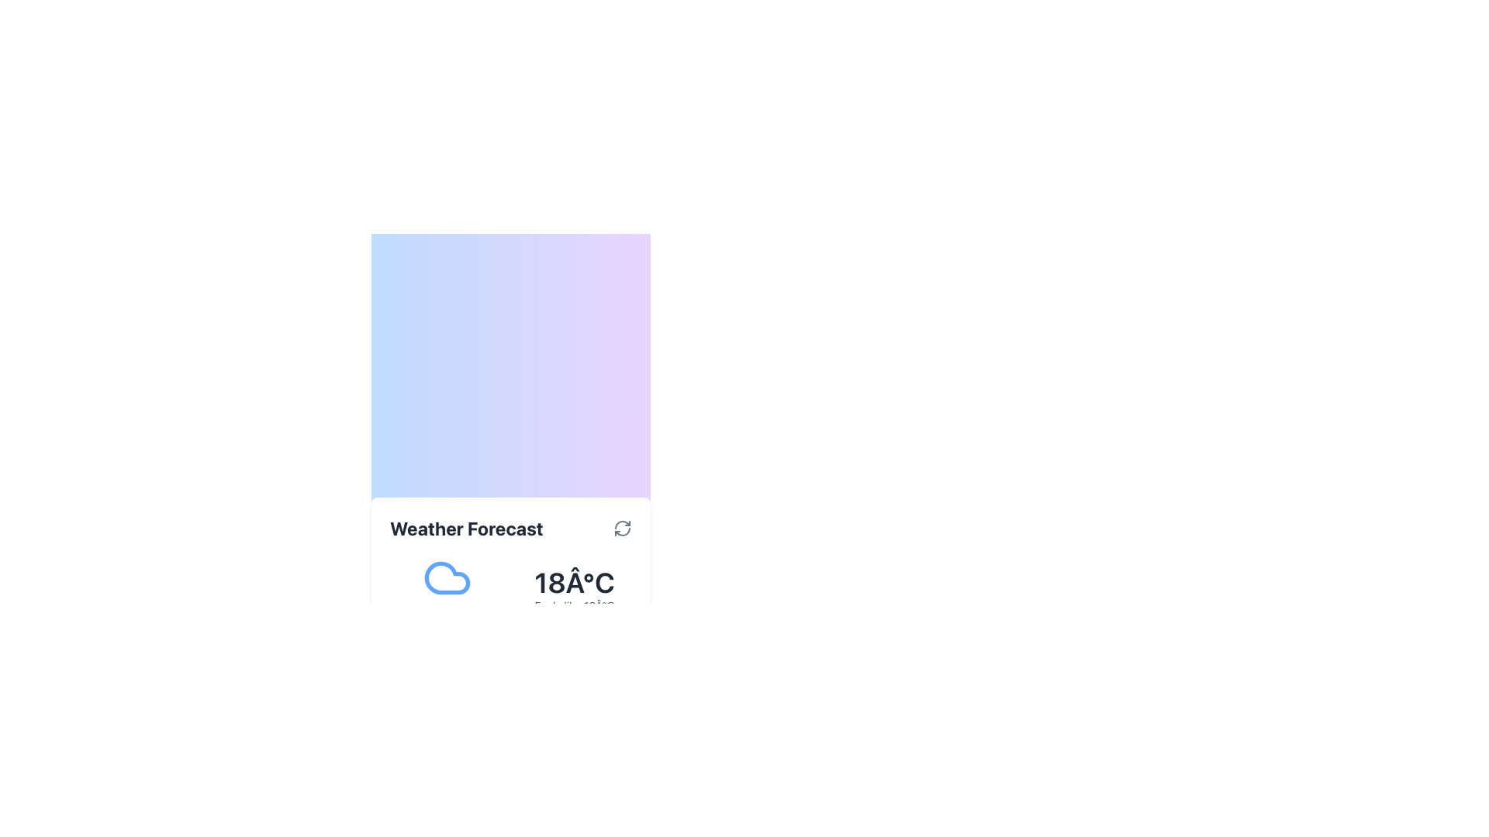  I want to click on the cloud icon with a blue outline that represents a weather condition, located to the left of the temperature information ('18Â°C'), so click(446, 591).